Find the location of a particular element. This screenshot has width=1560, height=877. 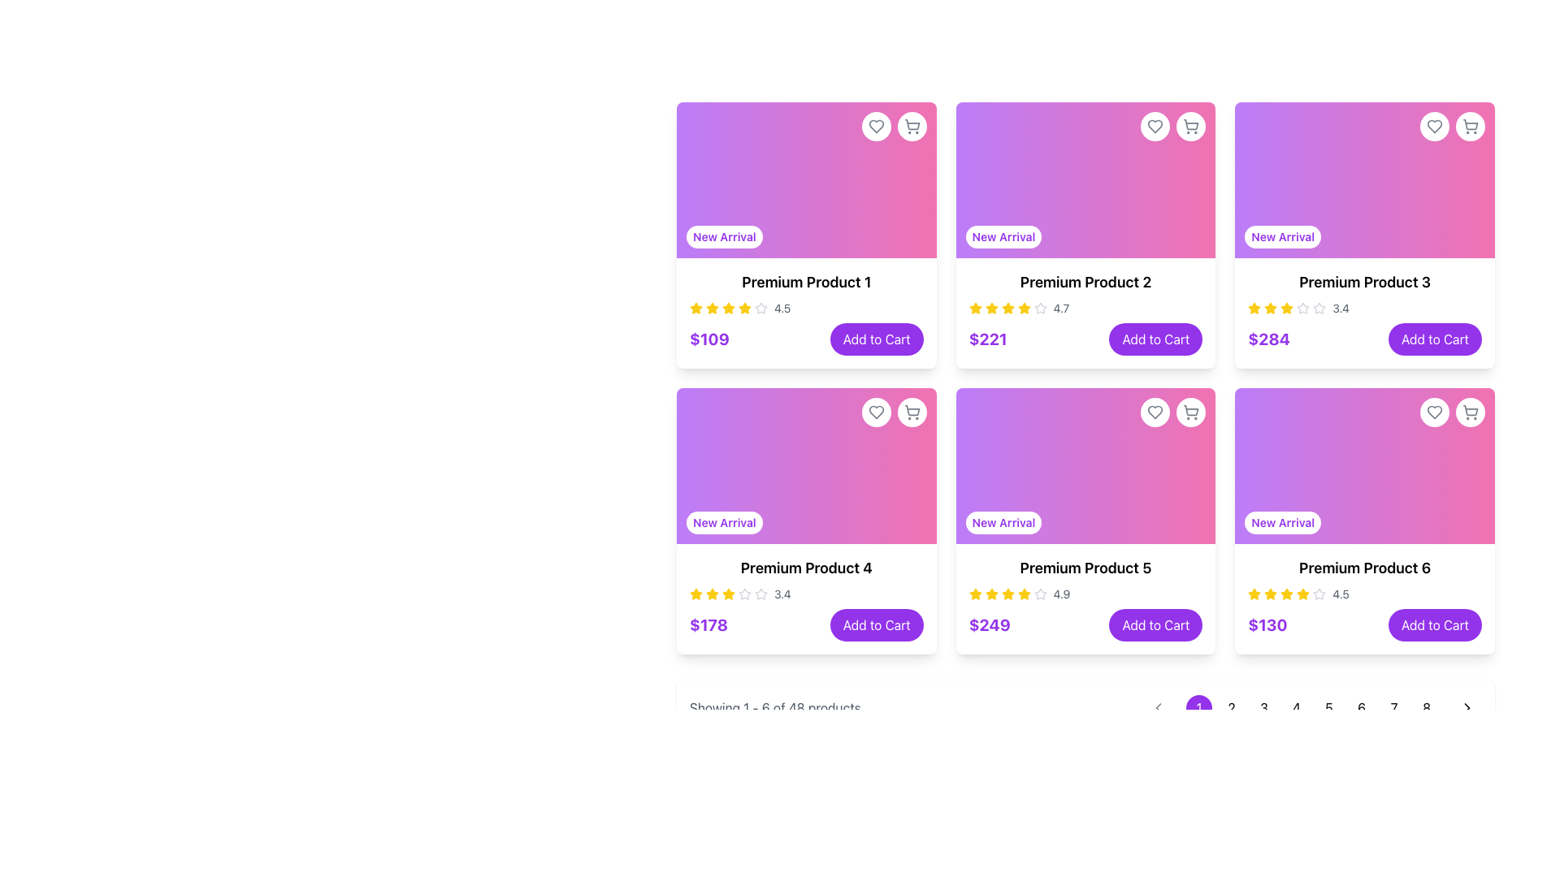

the first star in the star rating indicator for the product labeled 'Premium Product 3' to rate the product is located at coordinates (1270, 307).